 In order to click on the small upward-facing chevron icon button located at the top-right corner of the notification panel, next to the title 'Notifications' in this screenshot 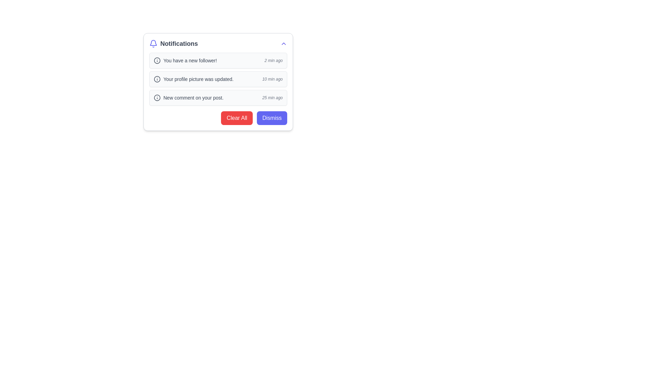, I will do `click(283, 44)`.